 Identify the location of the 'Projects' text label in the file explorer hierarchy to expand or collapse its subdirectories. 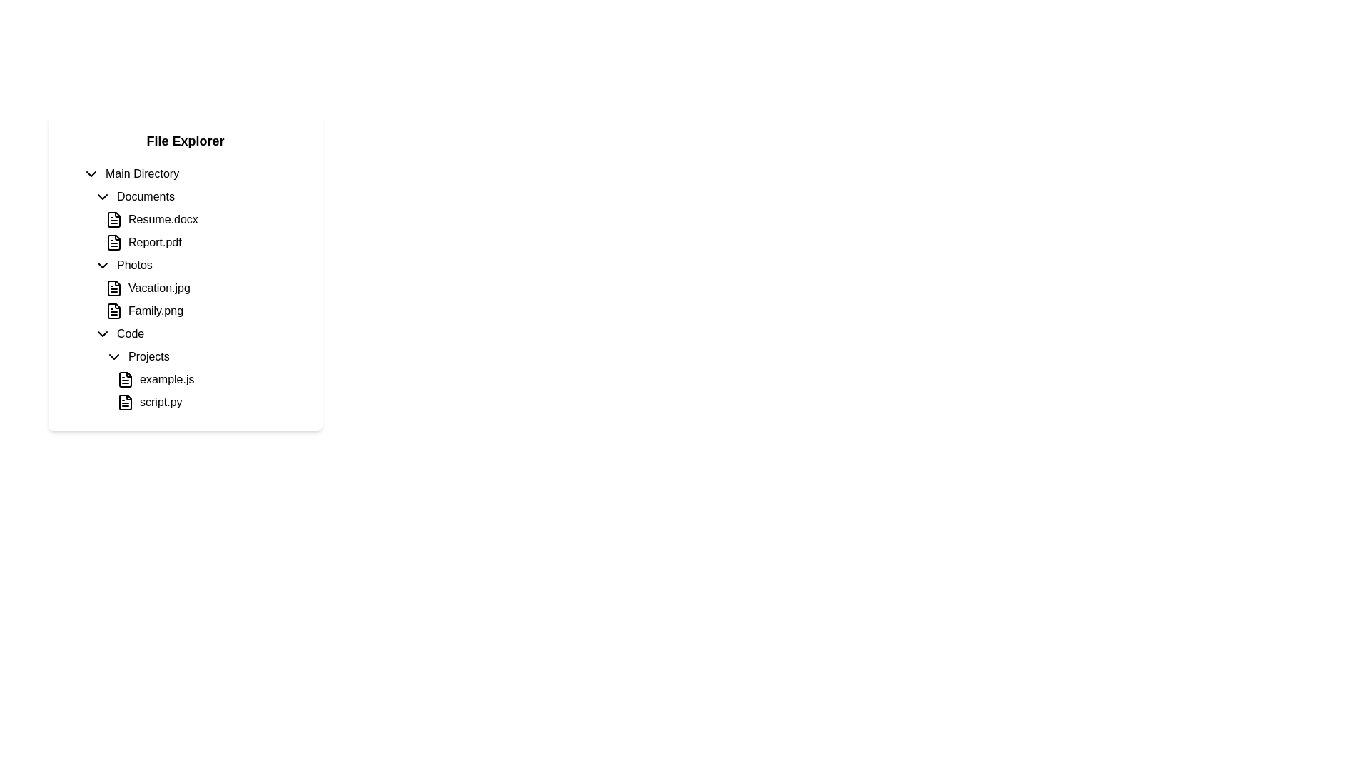
(148, 356).